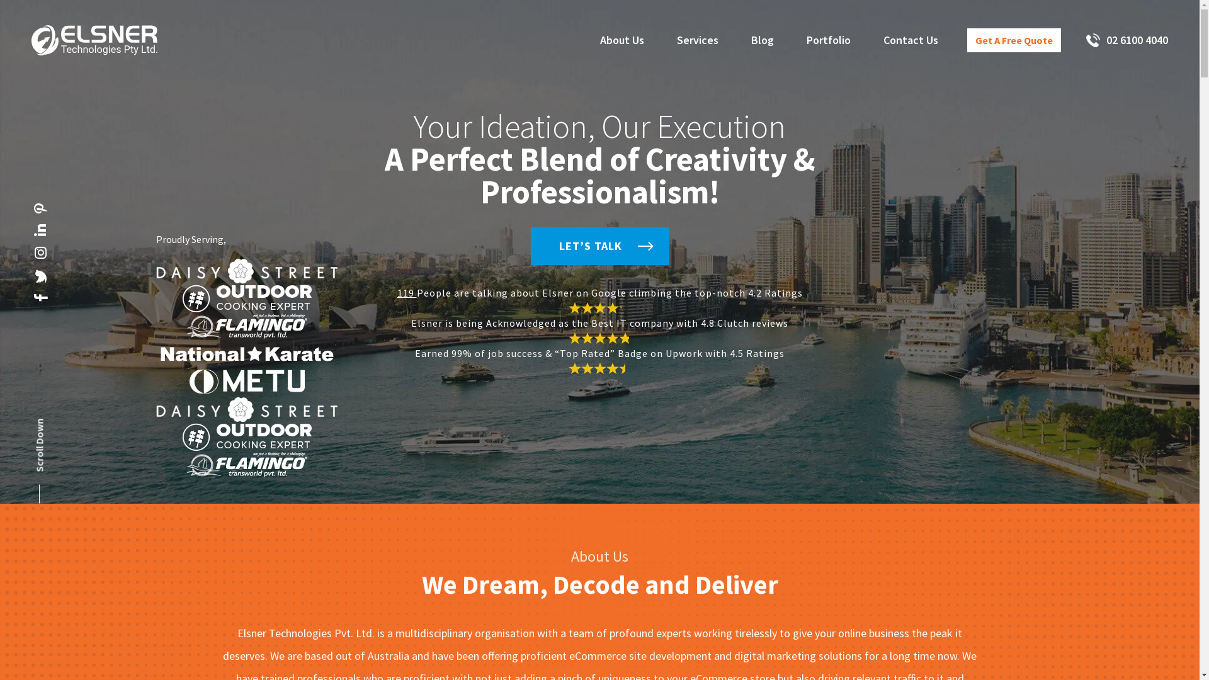 The height and width of the screenshot is (680, 1209). Describe the element at coordinates (882, 40) in the screenshot. I see `'Contact Us'` at that location.